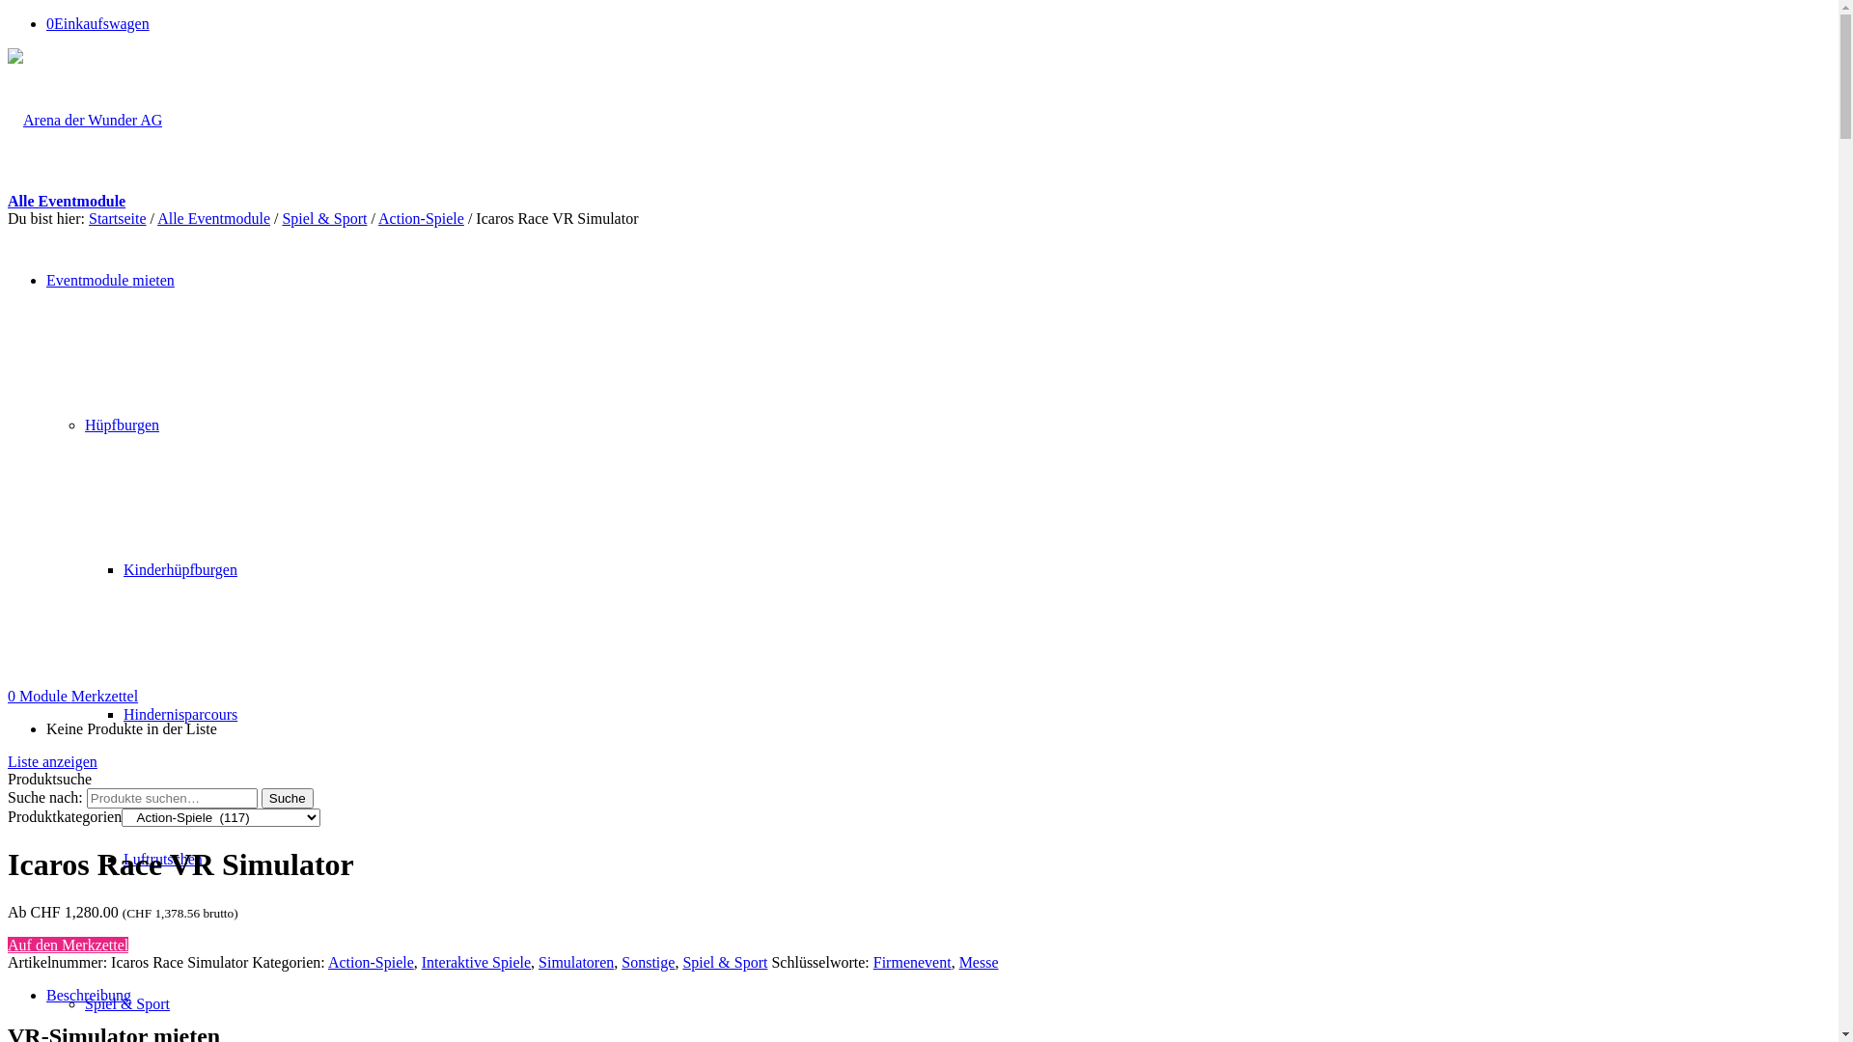 The image size is (1853, 1042). I want to click on 'Startseite', so click(116, 217).